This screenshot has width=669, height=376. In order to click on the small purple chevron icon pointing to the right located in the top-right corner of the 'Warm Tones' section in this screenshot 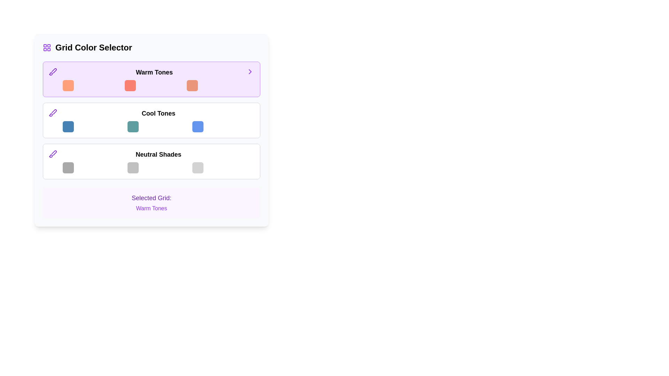, I will do `click(250, 71)`.